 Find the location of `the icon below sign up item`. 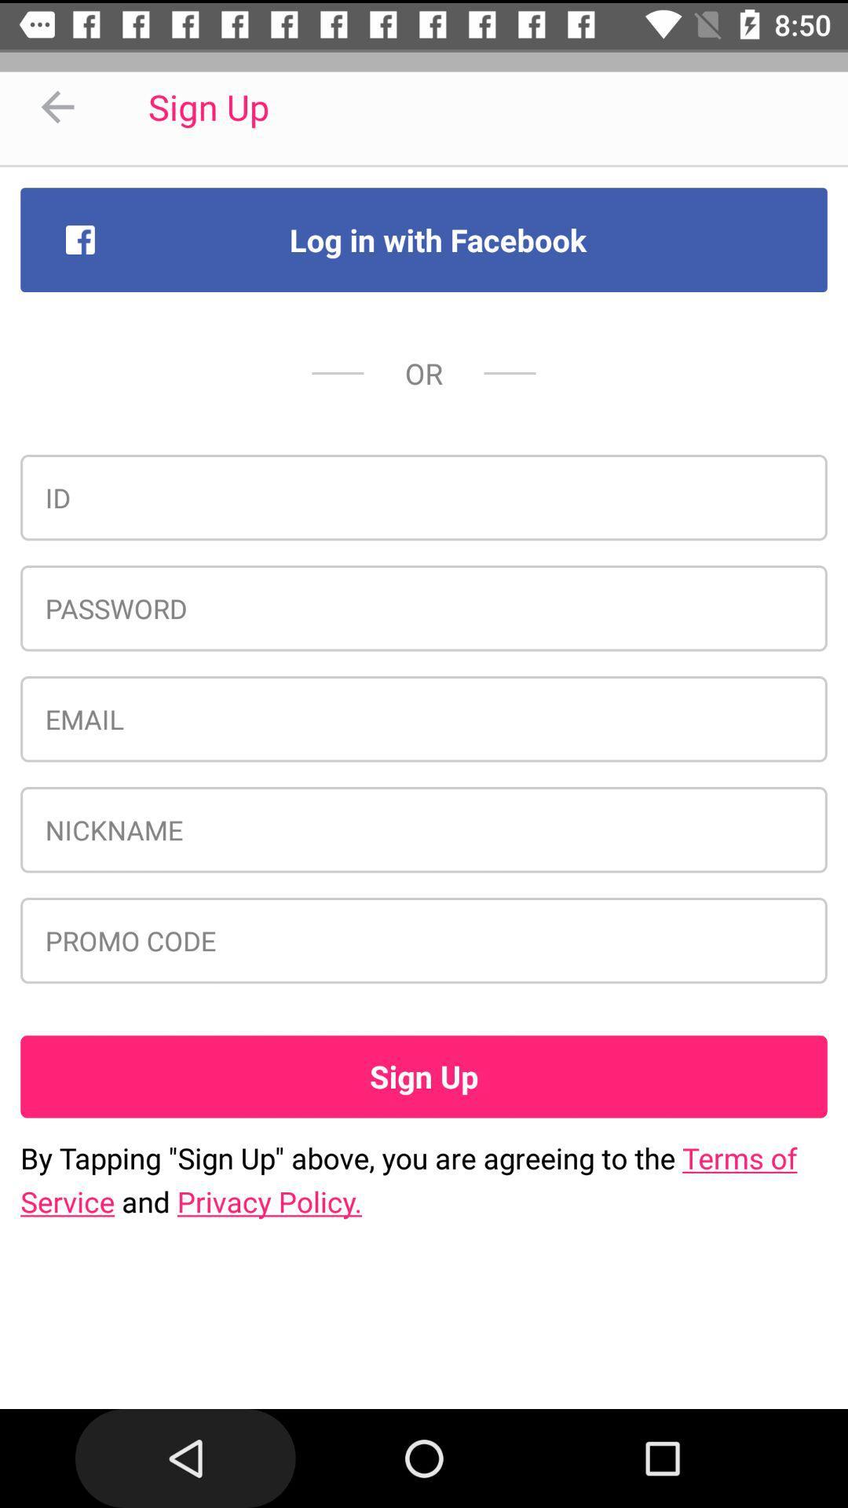

the icon below sign up item is located at coordinates (424, 1180).